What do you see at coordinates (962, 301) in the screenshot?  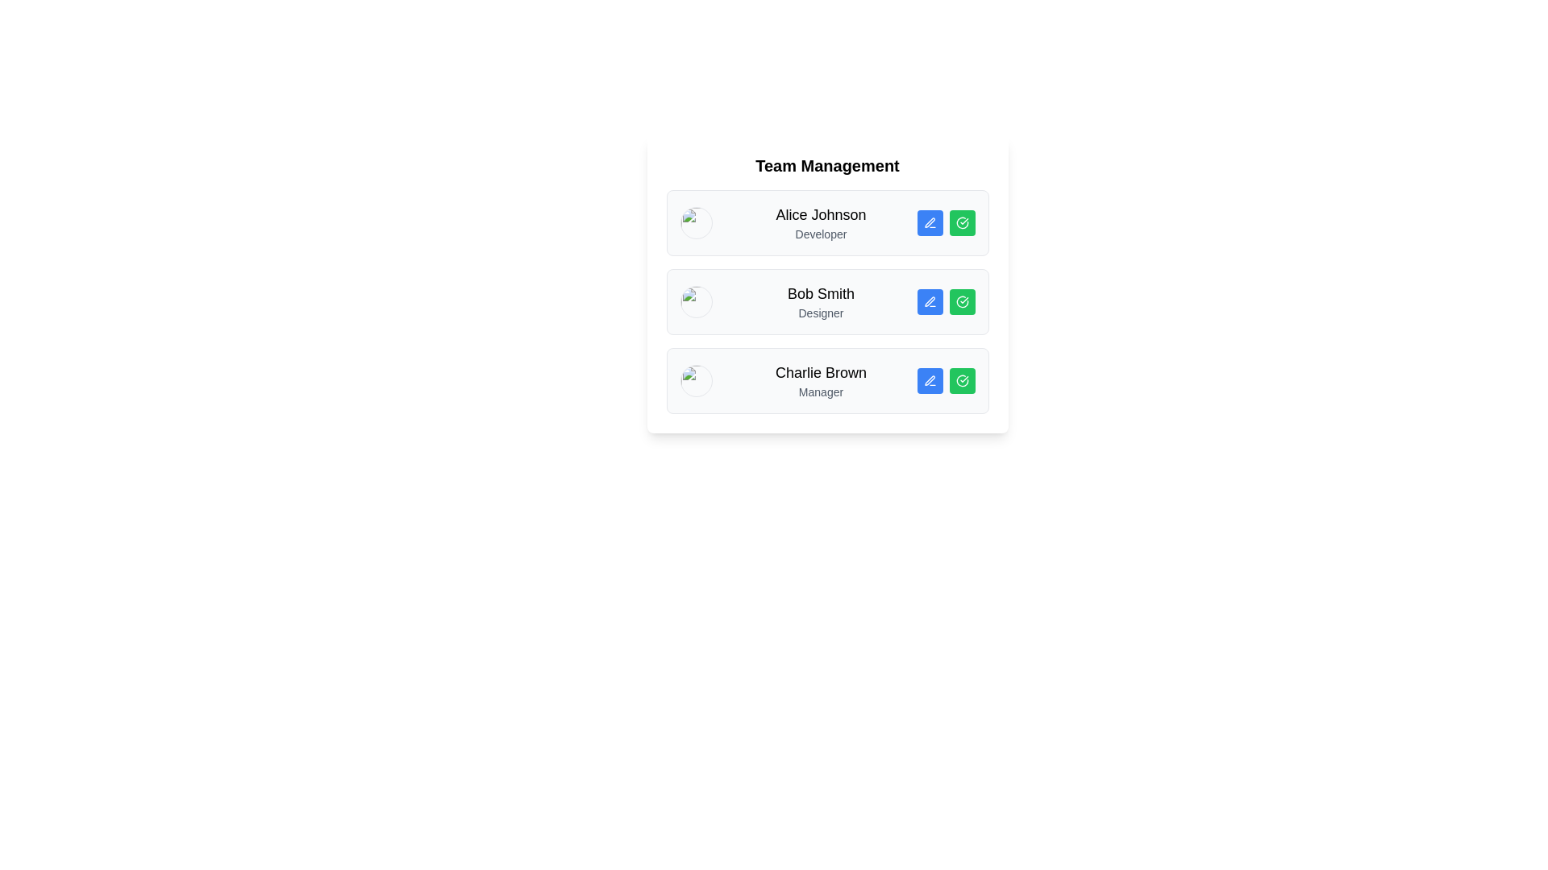 I see `the confirmation icon associated with team member Bob Smith, located in the rightmost section of the second item in a vertical list of three team members` at bounding box center [962, 301].